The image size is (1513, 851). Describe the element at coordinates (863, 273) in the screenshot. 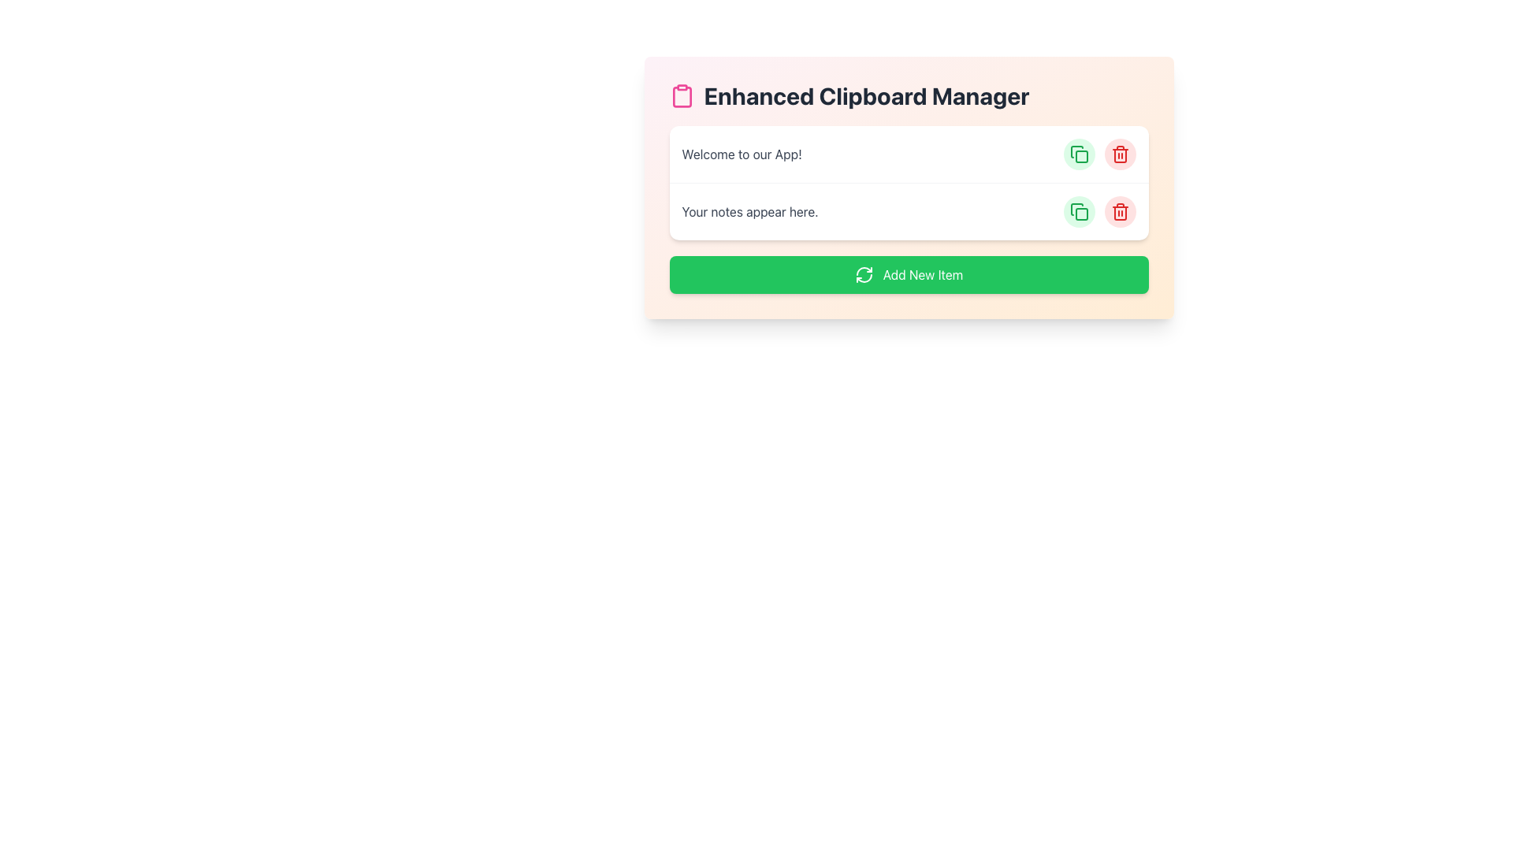

I see `the circular refresh icon with a green background located inside the 'Add New Item' button, which is positioned on the left side next to the text 'Add New Item'` at that location.